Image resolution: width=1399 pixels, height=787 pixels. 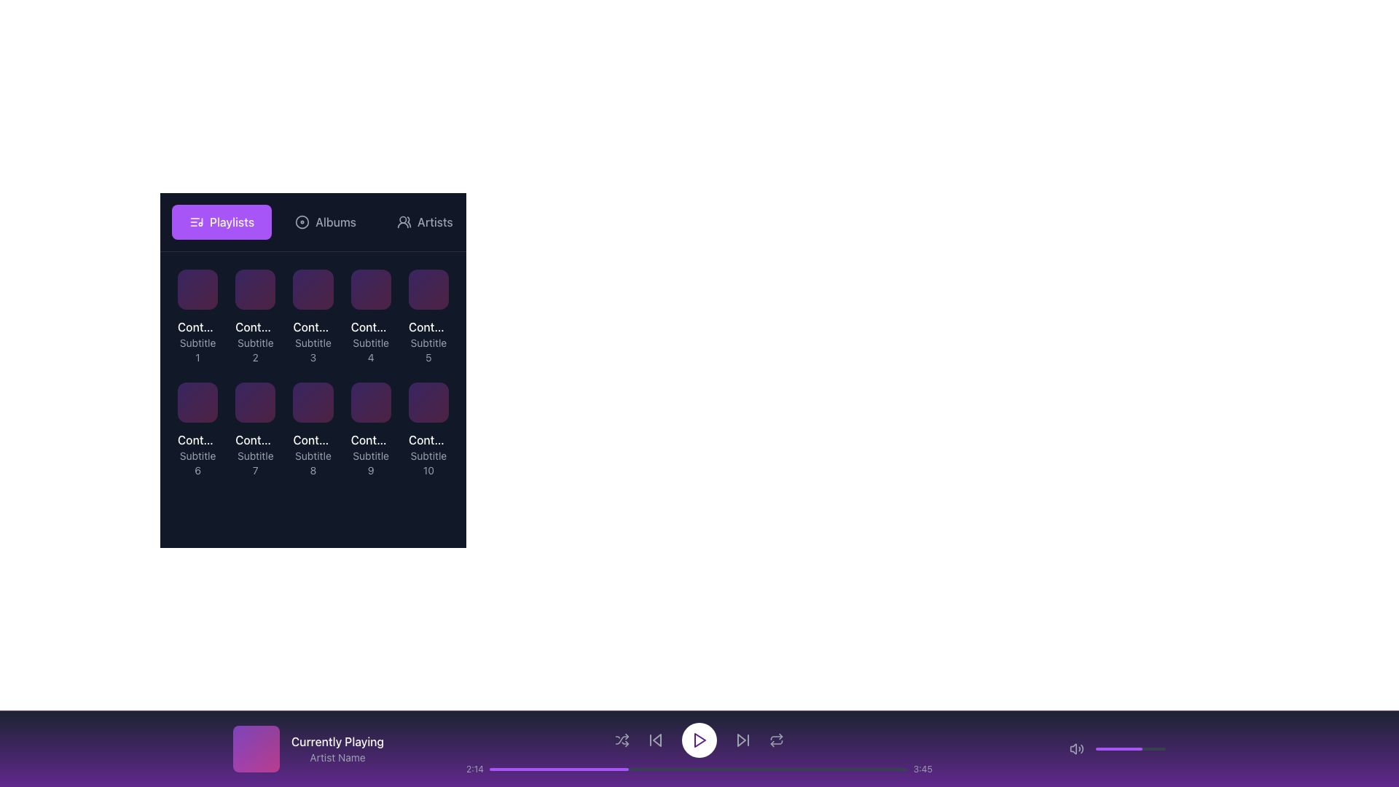 What do you see at coordinates (699, 769) in the screenshot?
I see `the progress bar located at the bottom of the media player interface to seek to a specific playback position` at bounding box center [699, 769].